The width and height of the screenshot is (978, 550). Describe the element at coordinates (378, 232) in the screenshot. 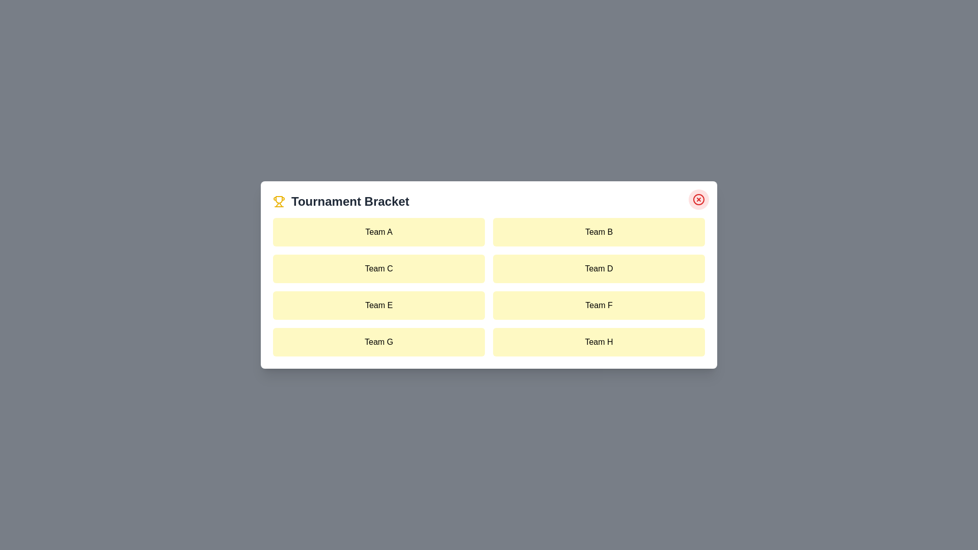

I see `the team item labeled Team A` at that location.